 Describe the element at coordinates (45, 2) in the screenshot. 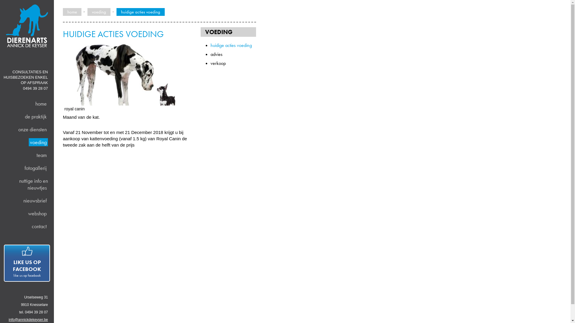

I see `'Overslaan en naar de algemene inhoud gaan'` at that location.